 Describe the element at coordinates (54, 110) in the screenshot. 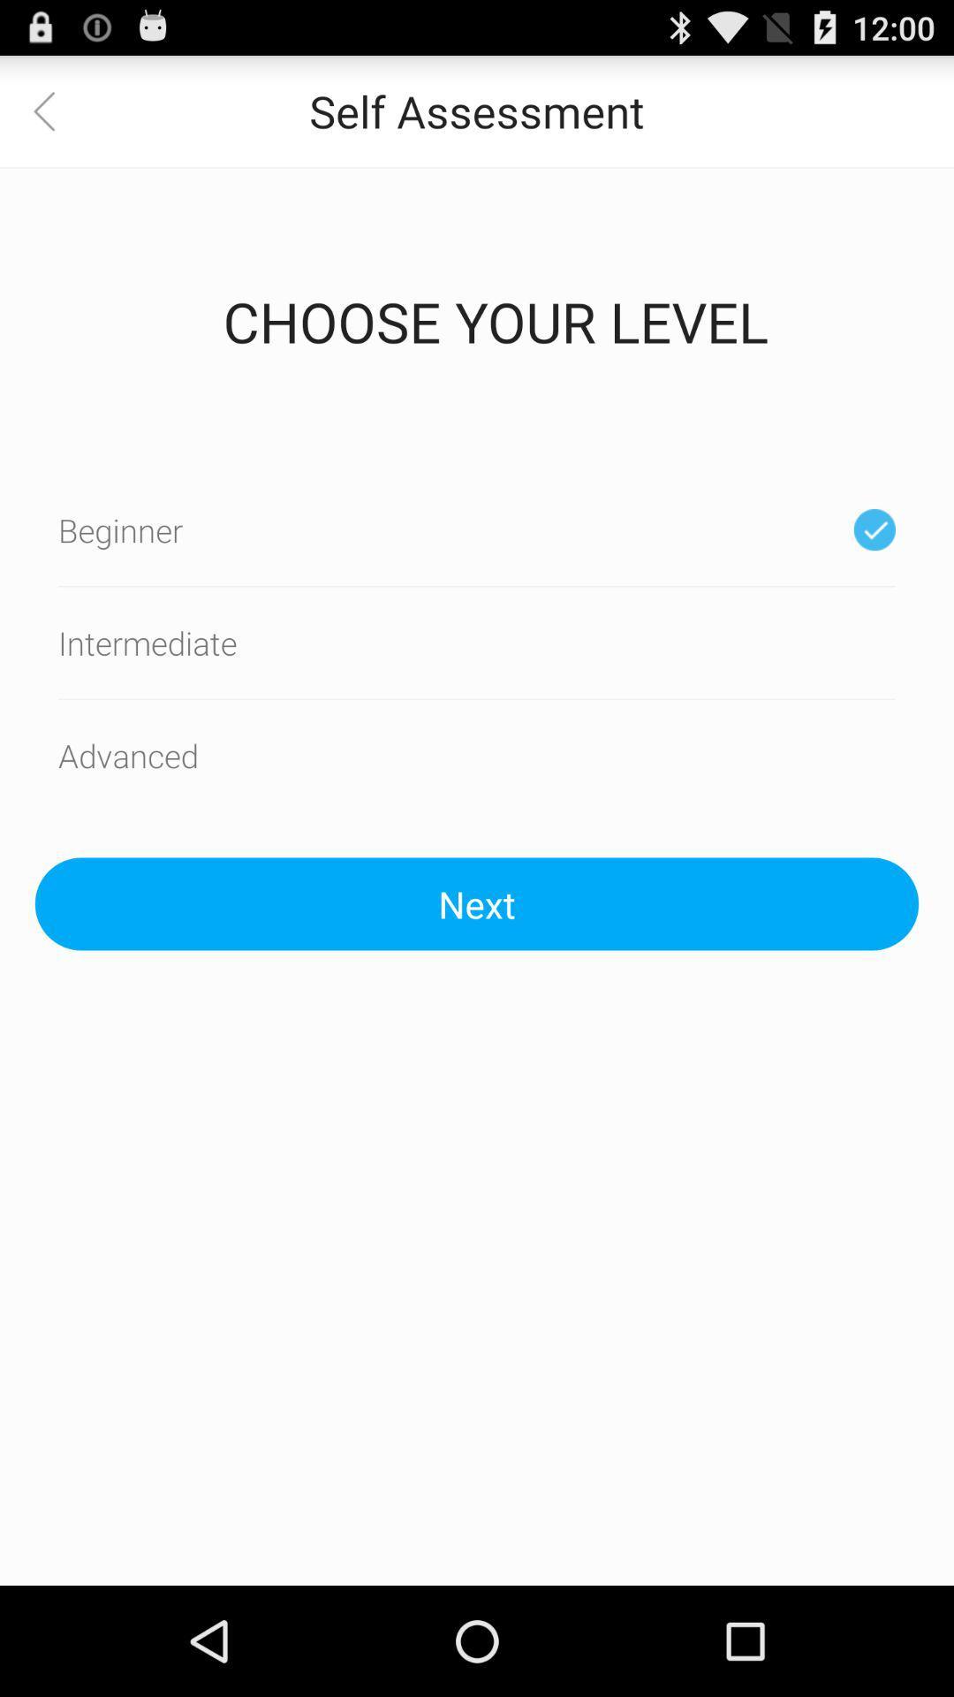

I see `app to the left of the self assessment` at that location.